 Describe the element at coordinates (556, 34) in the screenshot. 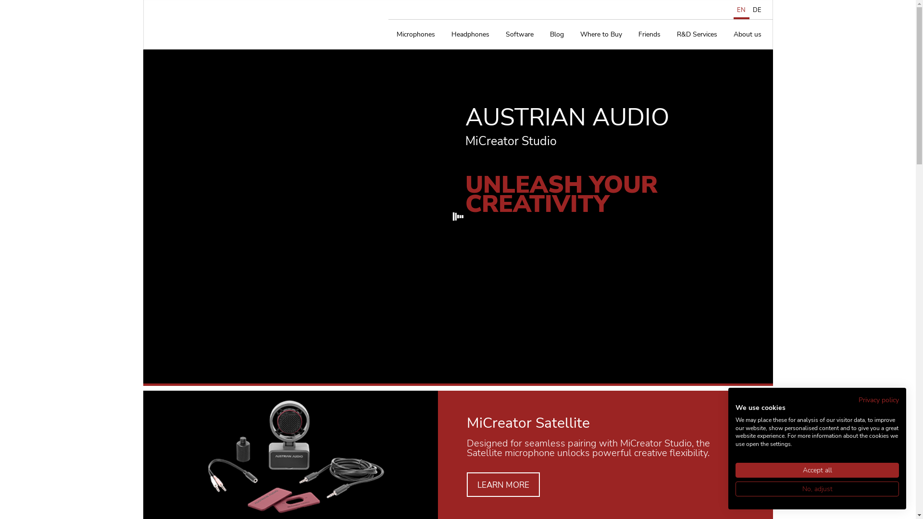

I see `'Blog'` at that location.